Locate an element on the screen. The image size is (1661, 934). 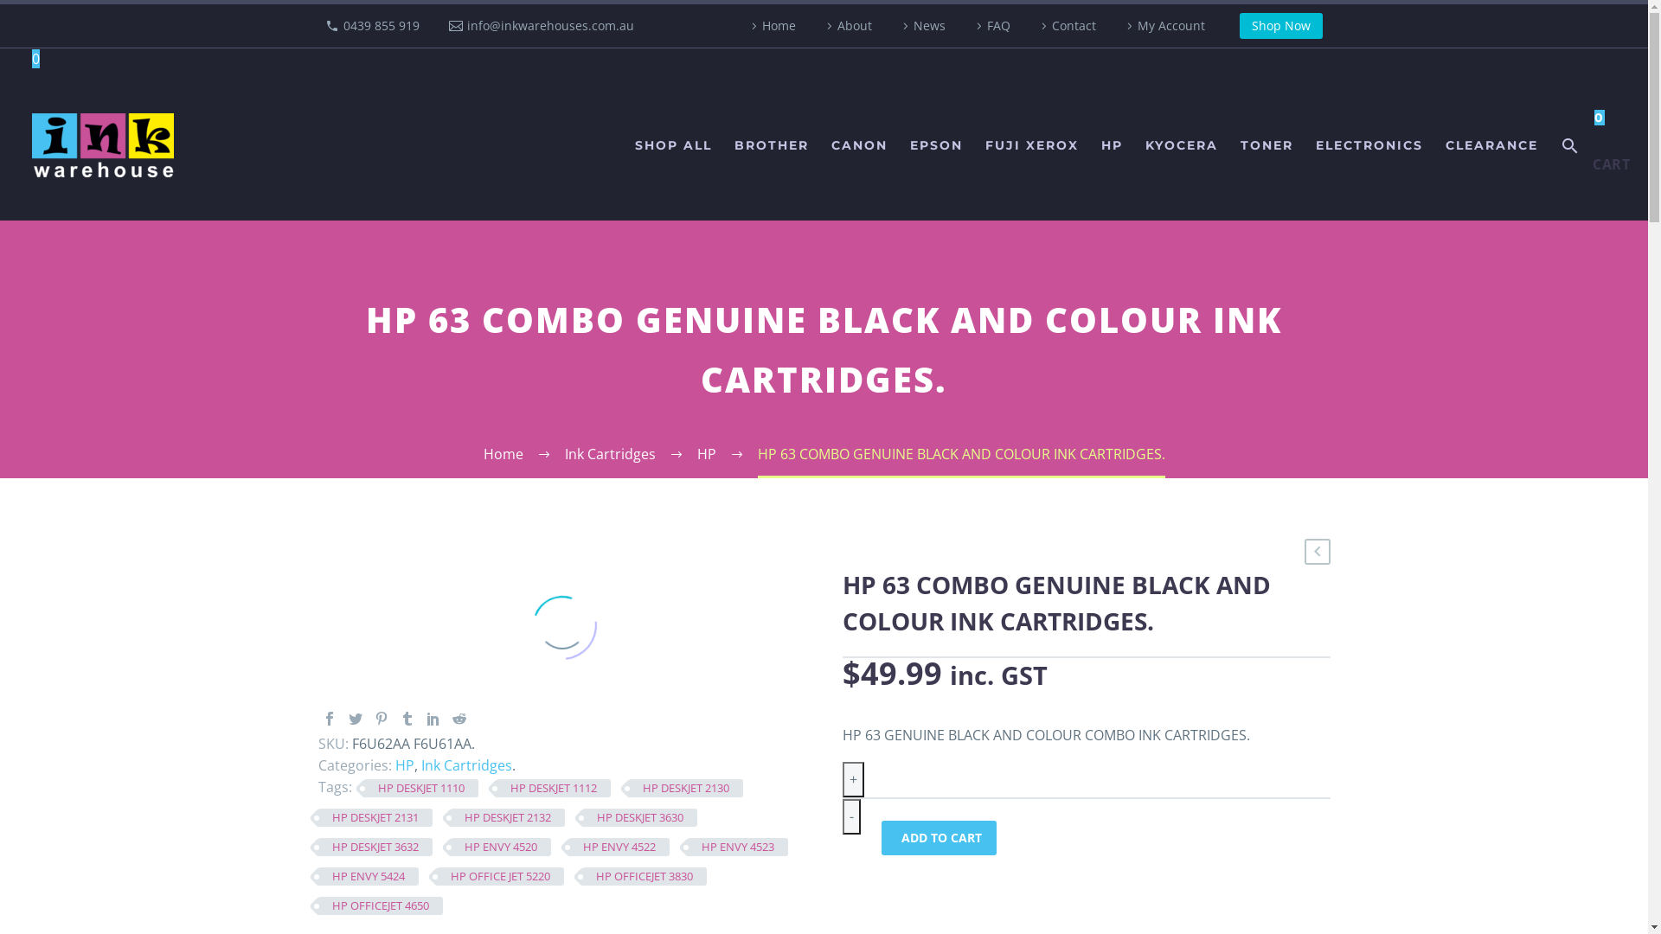
'HP DESKJET 2132' is located at coordinates (505, 817).